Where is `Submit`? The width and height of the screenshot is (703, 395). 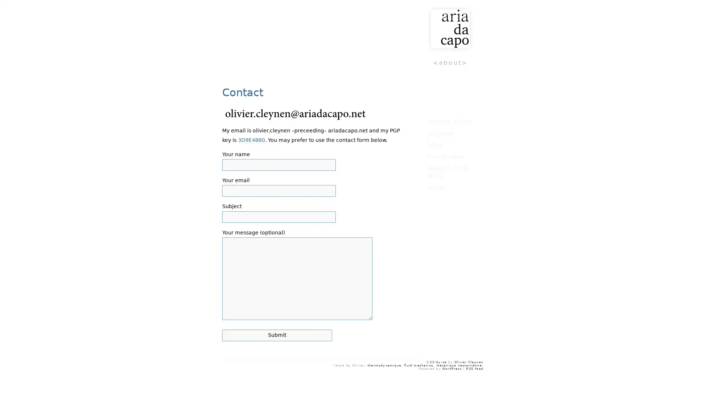 Submit is located at coordinates (277, 335).